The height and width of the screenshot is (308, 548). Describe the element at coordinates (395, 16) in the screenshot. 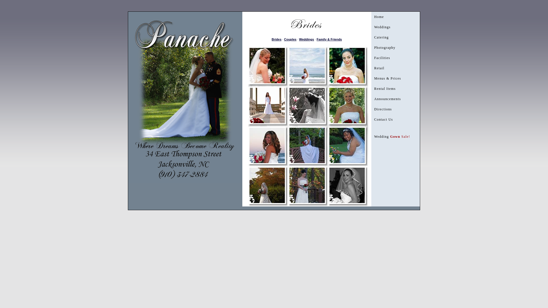

I see `'Home'` at that location.